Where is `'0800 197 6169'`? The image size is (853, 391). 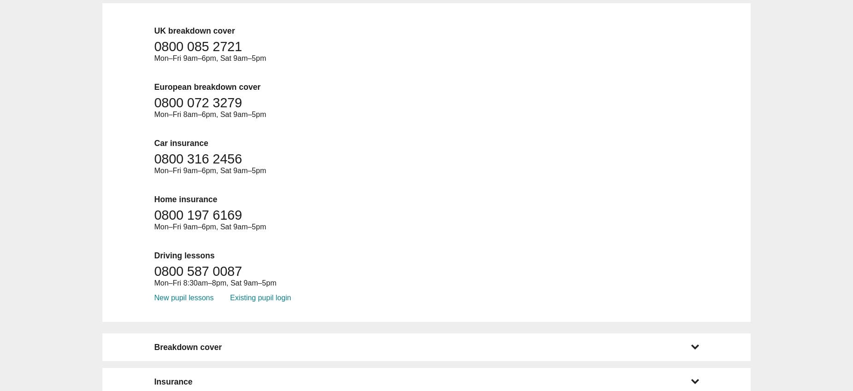 '0800 197 6169' is located at coordinates (197, 215).